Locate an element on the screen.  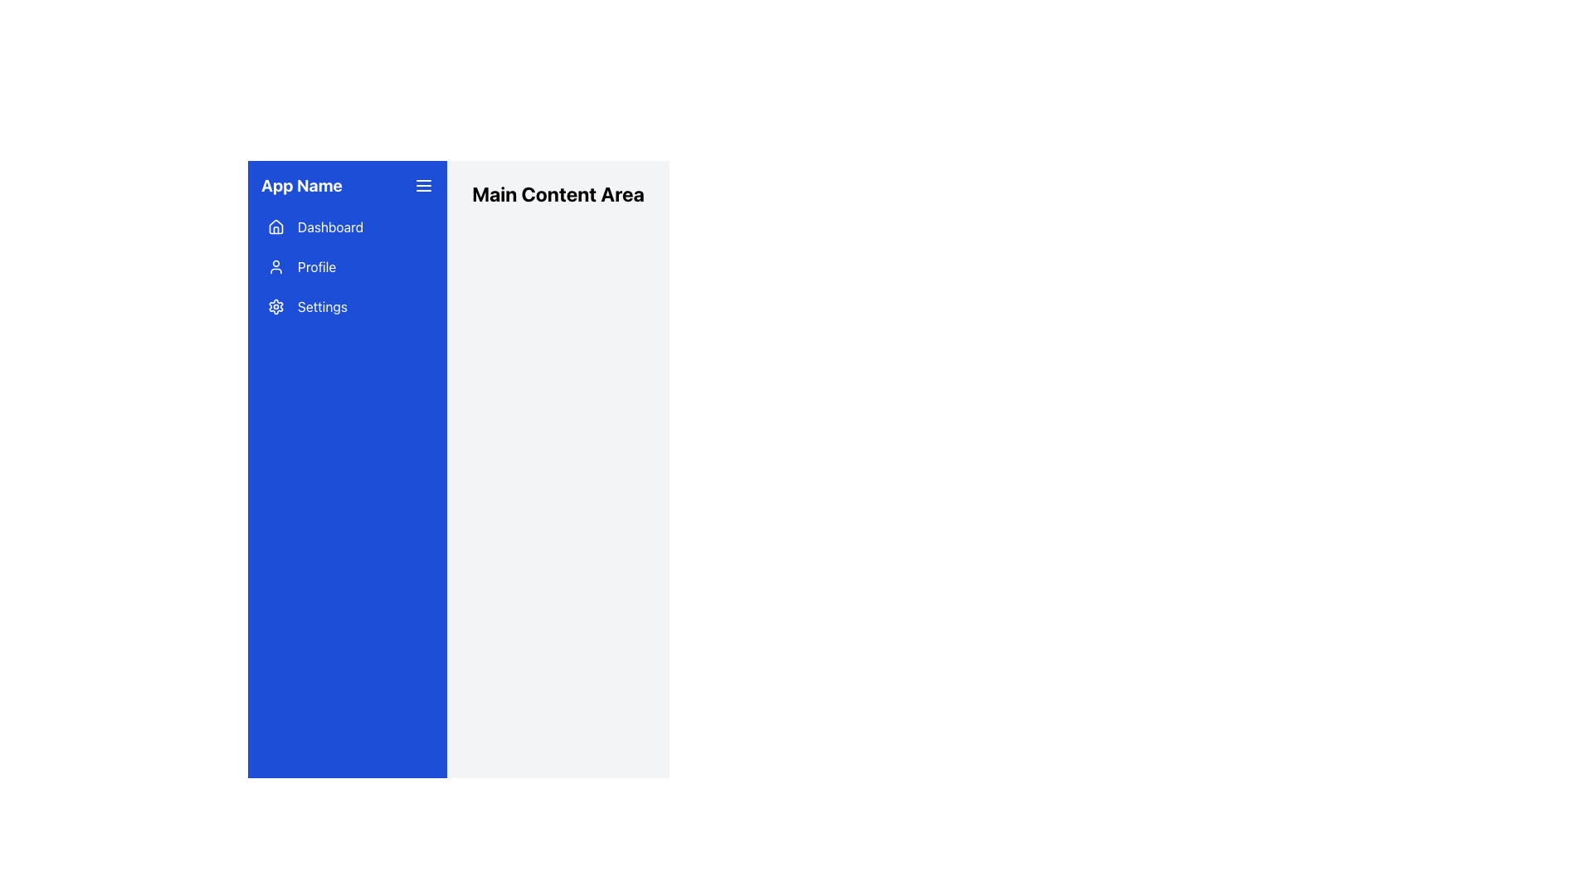
the 'Profile' menu option in the vertical menu component located in the blue sidebar for navigation is located at coordinates (346, 265).